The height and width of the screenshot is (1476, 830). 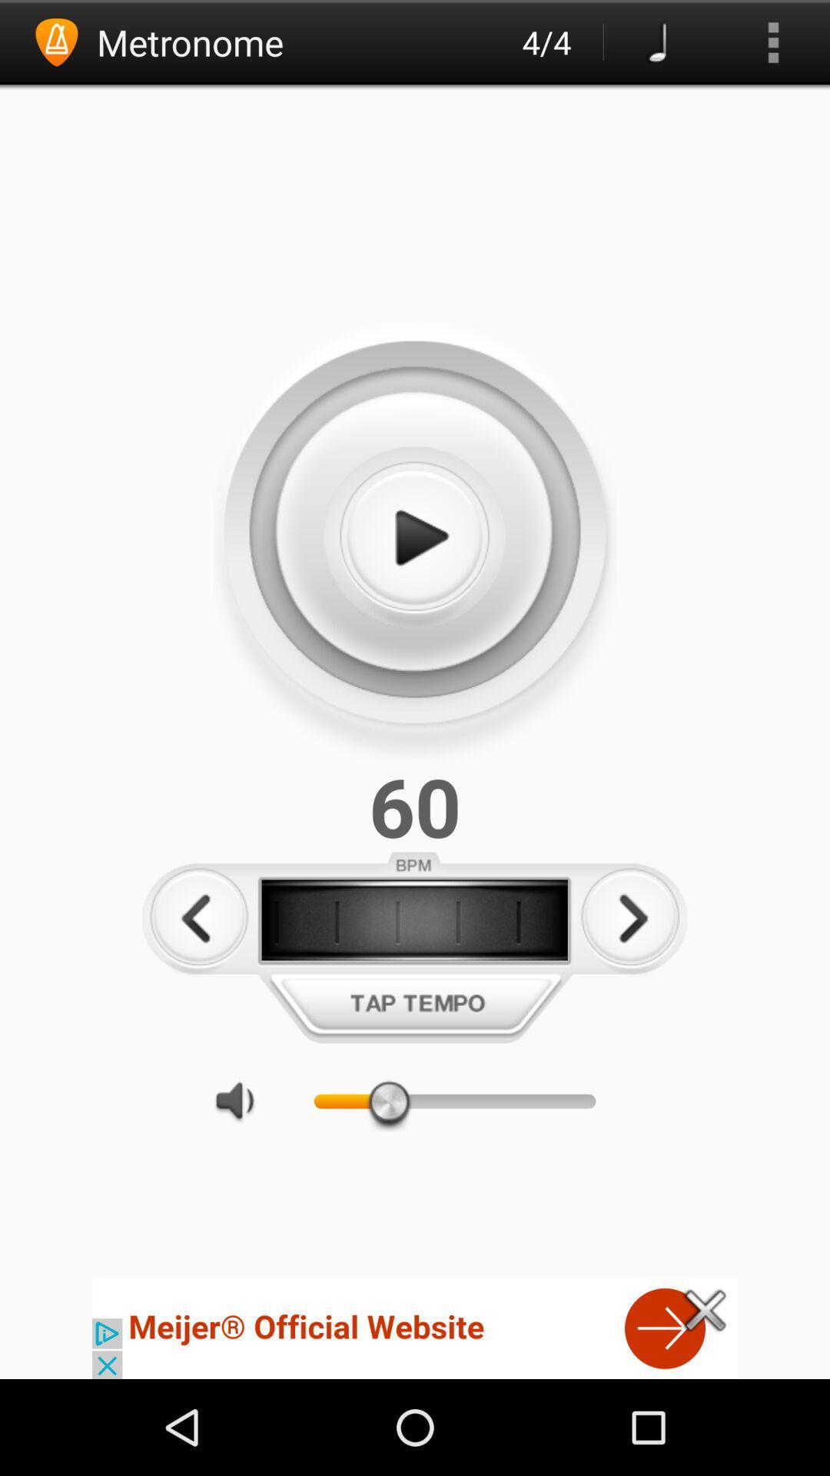 I want to click on play, so click(x=413, y=538).